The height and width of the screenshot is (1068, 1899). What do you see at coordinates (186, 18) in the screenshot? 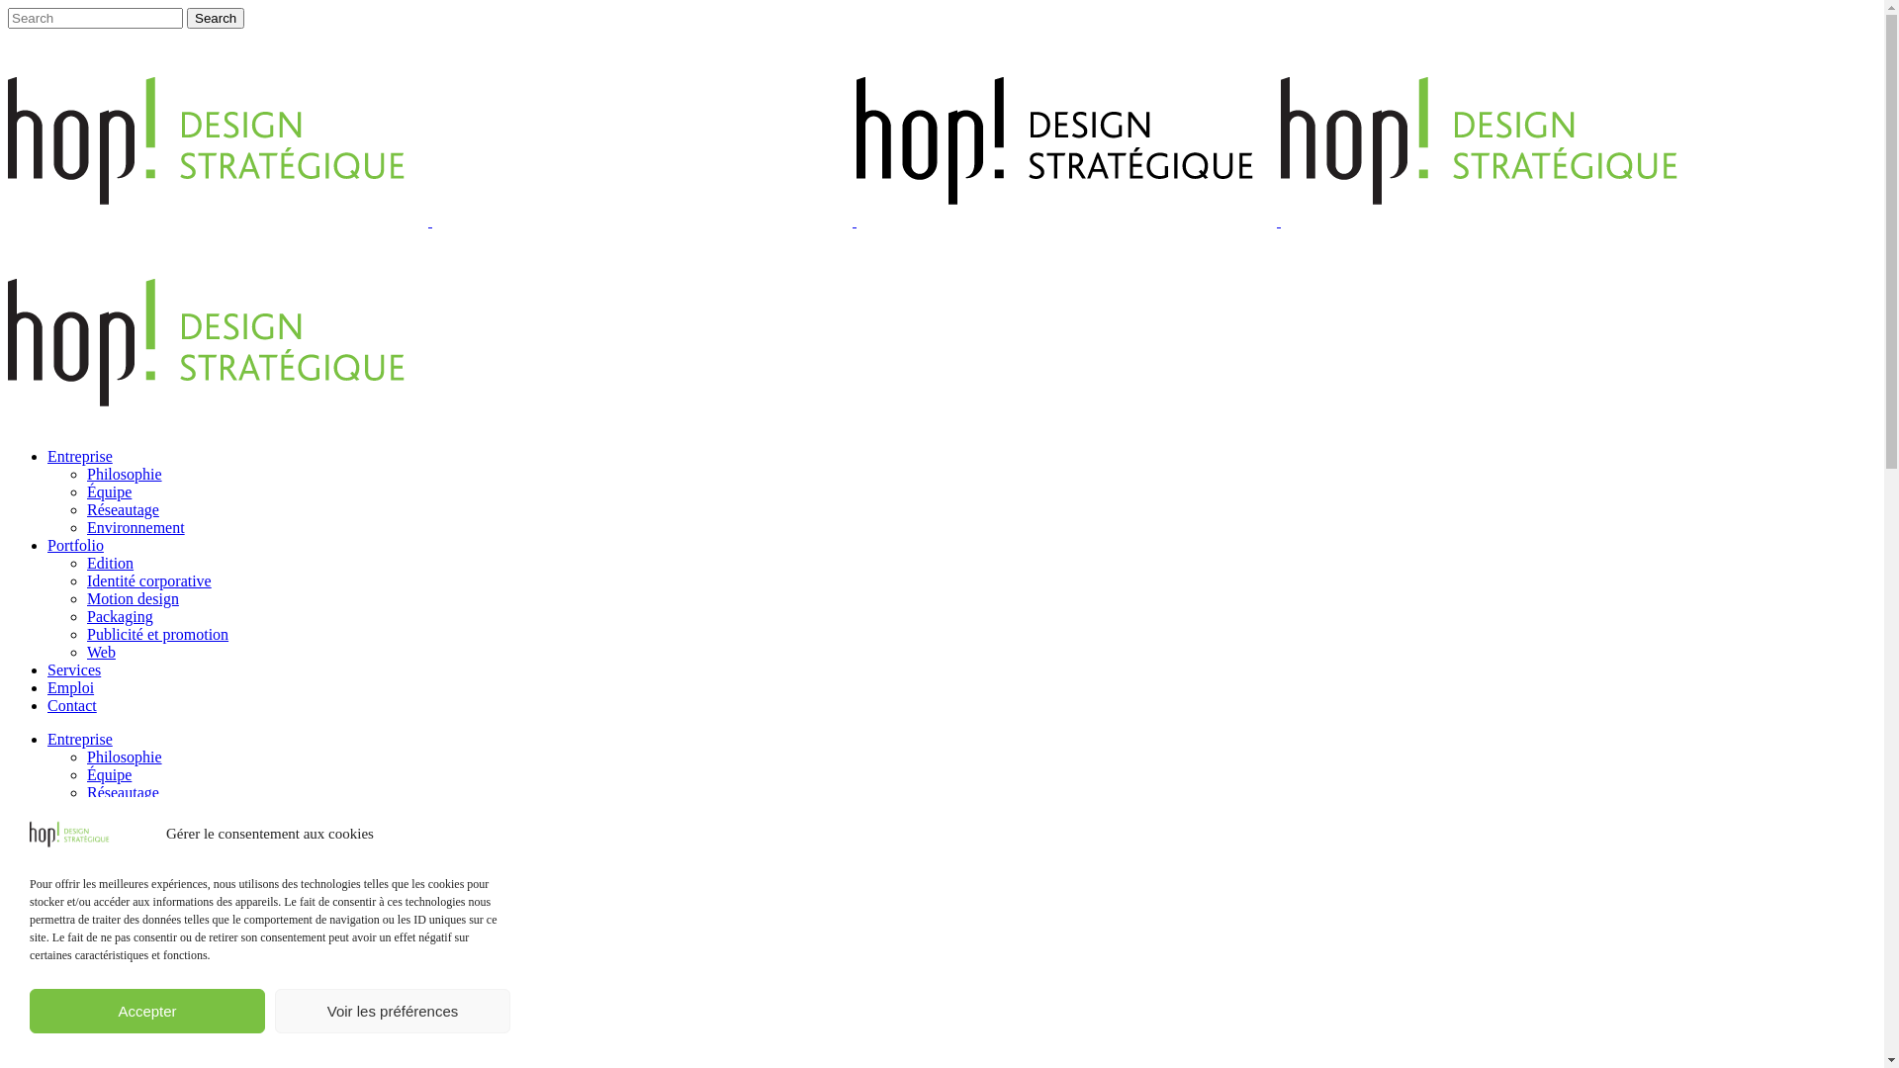
I see `'Search'` at bounding box center [186, 18].